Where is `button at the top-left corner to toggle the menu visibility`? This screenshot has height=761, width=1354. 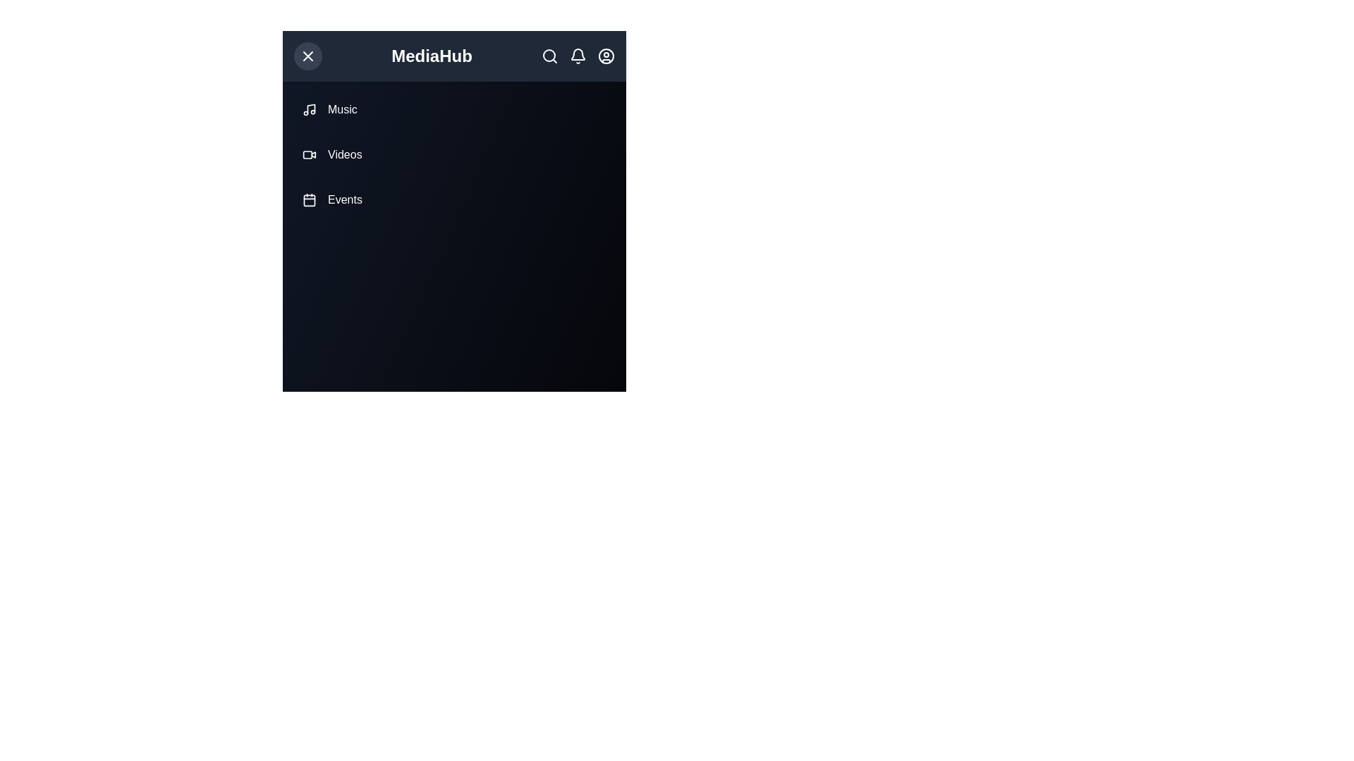
button at the top-left corner to toggle the menu visibility is located at coordinates (307, 56).